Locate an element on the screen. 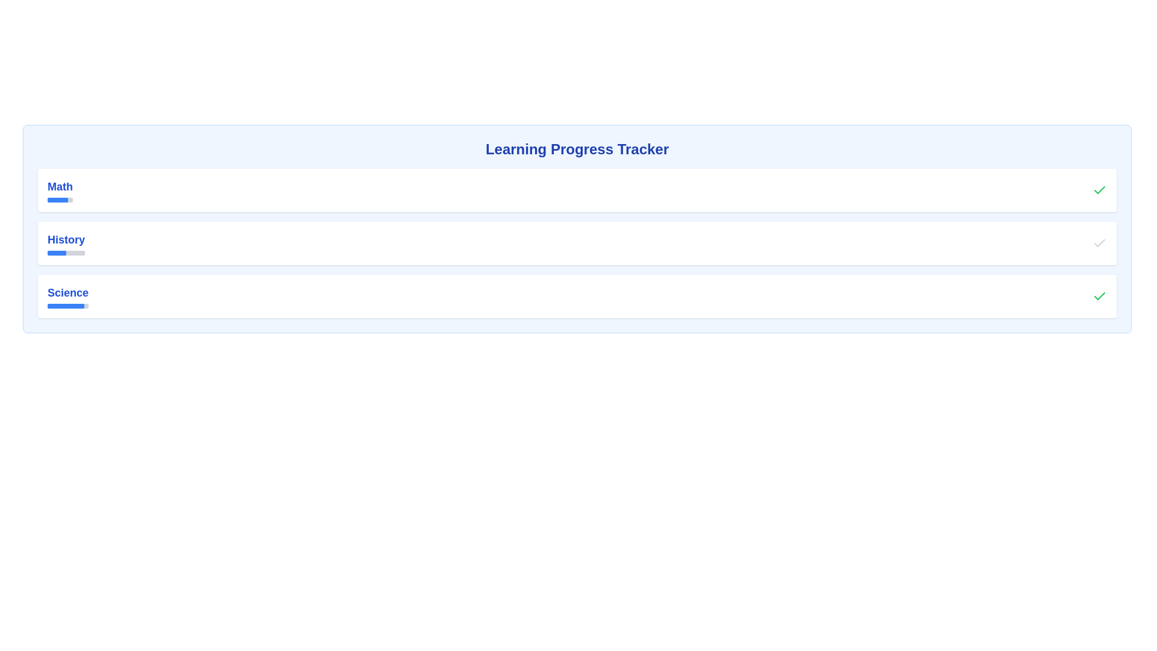  the Progress bar associated with the label 'Science', which is a horizontal bar with a gray background and a blue segment representing 90% completion is located at coordinates (67, 306).